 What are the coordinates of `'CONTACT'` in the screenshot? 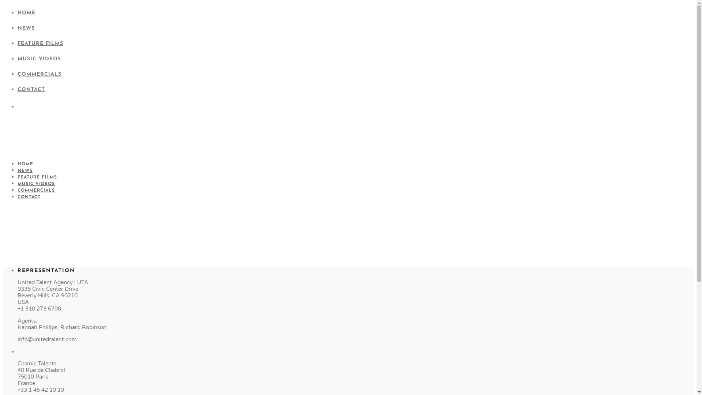 It's located at (18, 197).